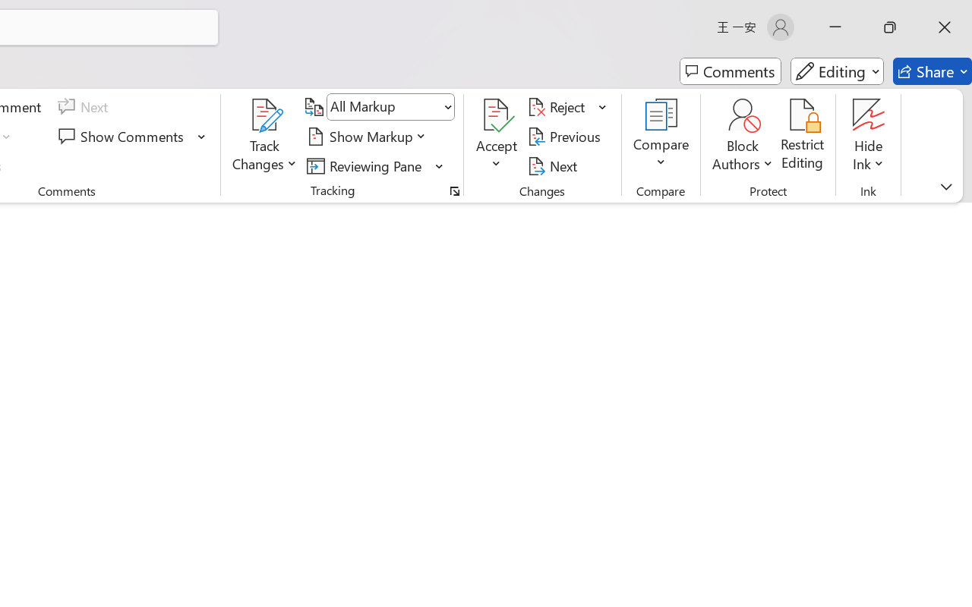 The image size is (972, 607). I want to click on 'Close', so click(944, 27).